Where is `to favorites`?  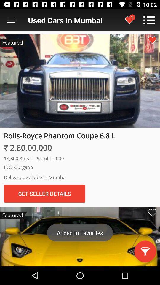 to favorites is located at coordinates (152, 40).